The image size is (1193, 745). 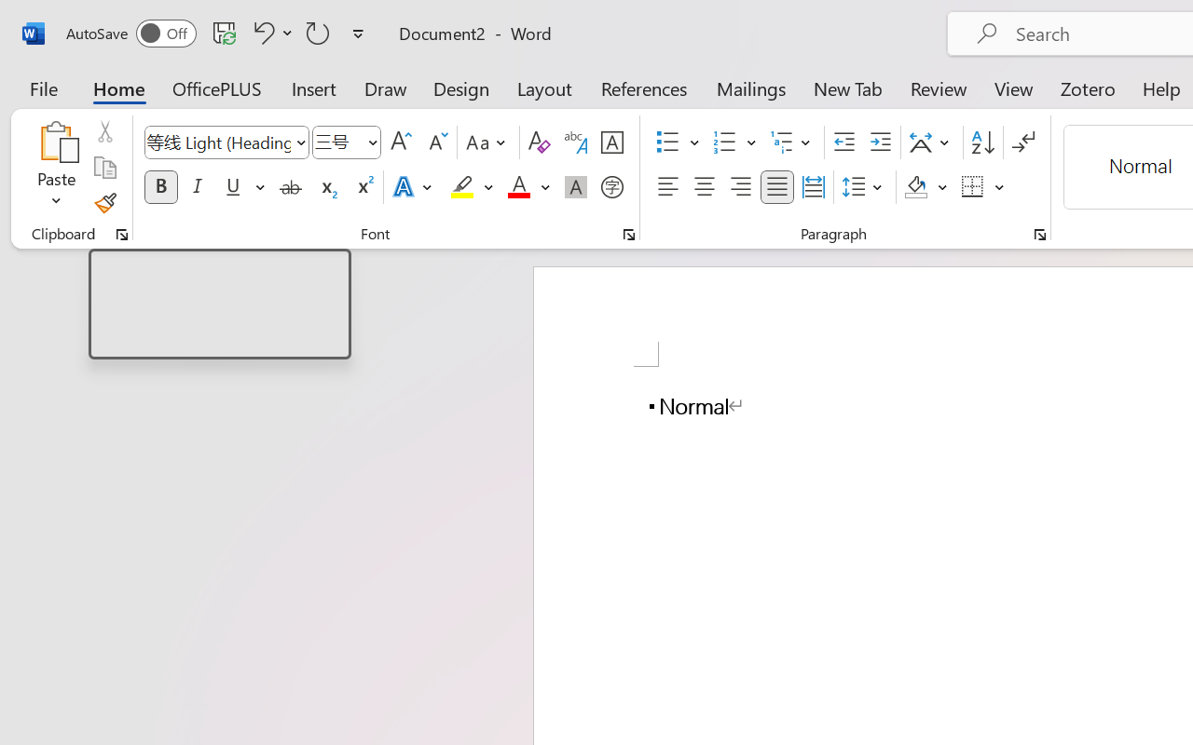 I want to click on 'Cut', so click(x=103, y=131).